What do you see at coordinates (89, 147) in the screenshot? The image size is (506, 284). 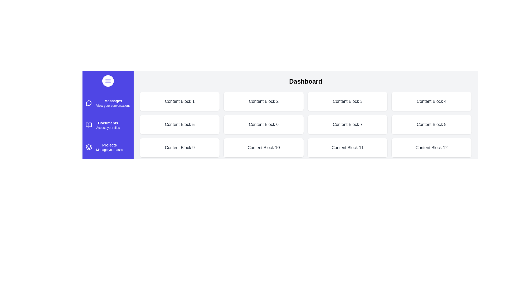 I see `the menu item Projects to reveal its additional information` at bounding box center [89, 147].